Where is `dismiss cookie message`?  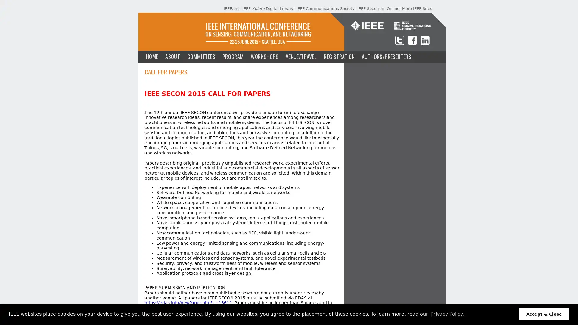
dismiss cookie message is located at coordinates (544, 314).